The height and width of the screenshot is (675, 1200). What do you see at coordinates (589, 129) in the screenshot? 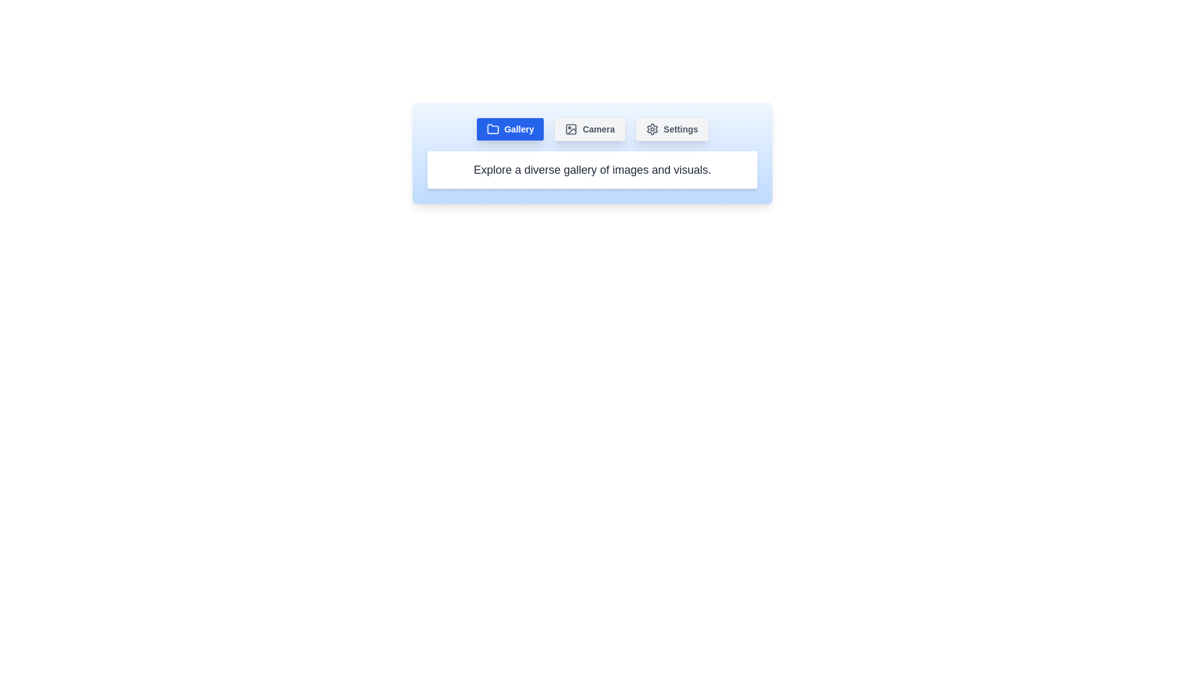
I see `the 'Camera' button with a light gray background and medium gray text` at bounding box center [589, 129].